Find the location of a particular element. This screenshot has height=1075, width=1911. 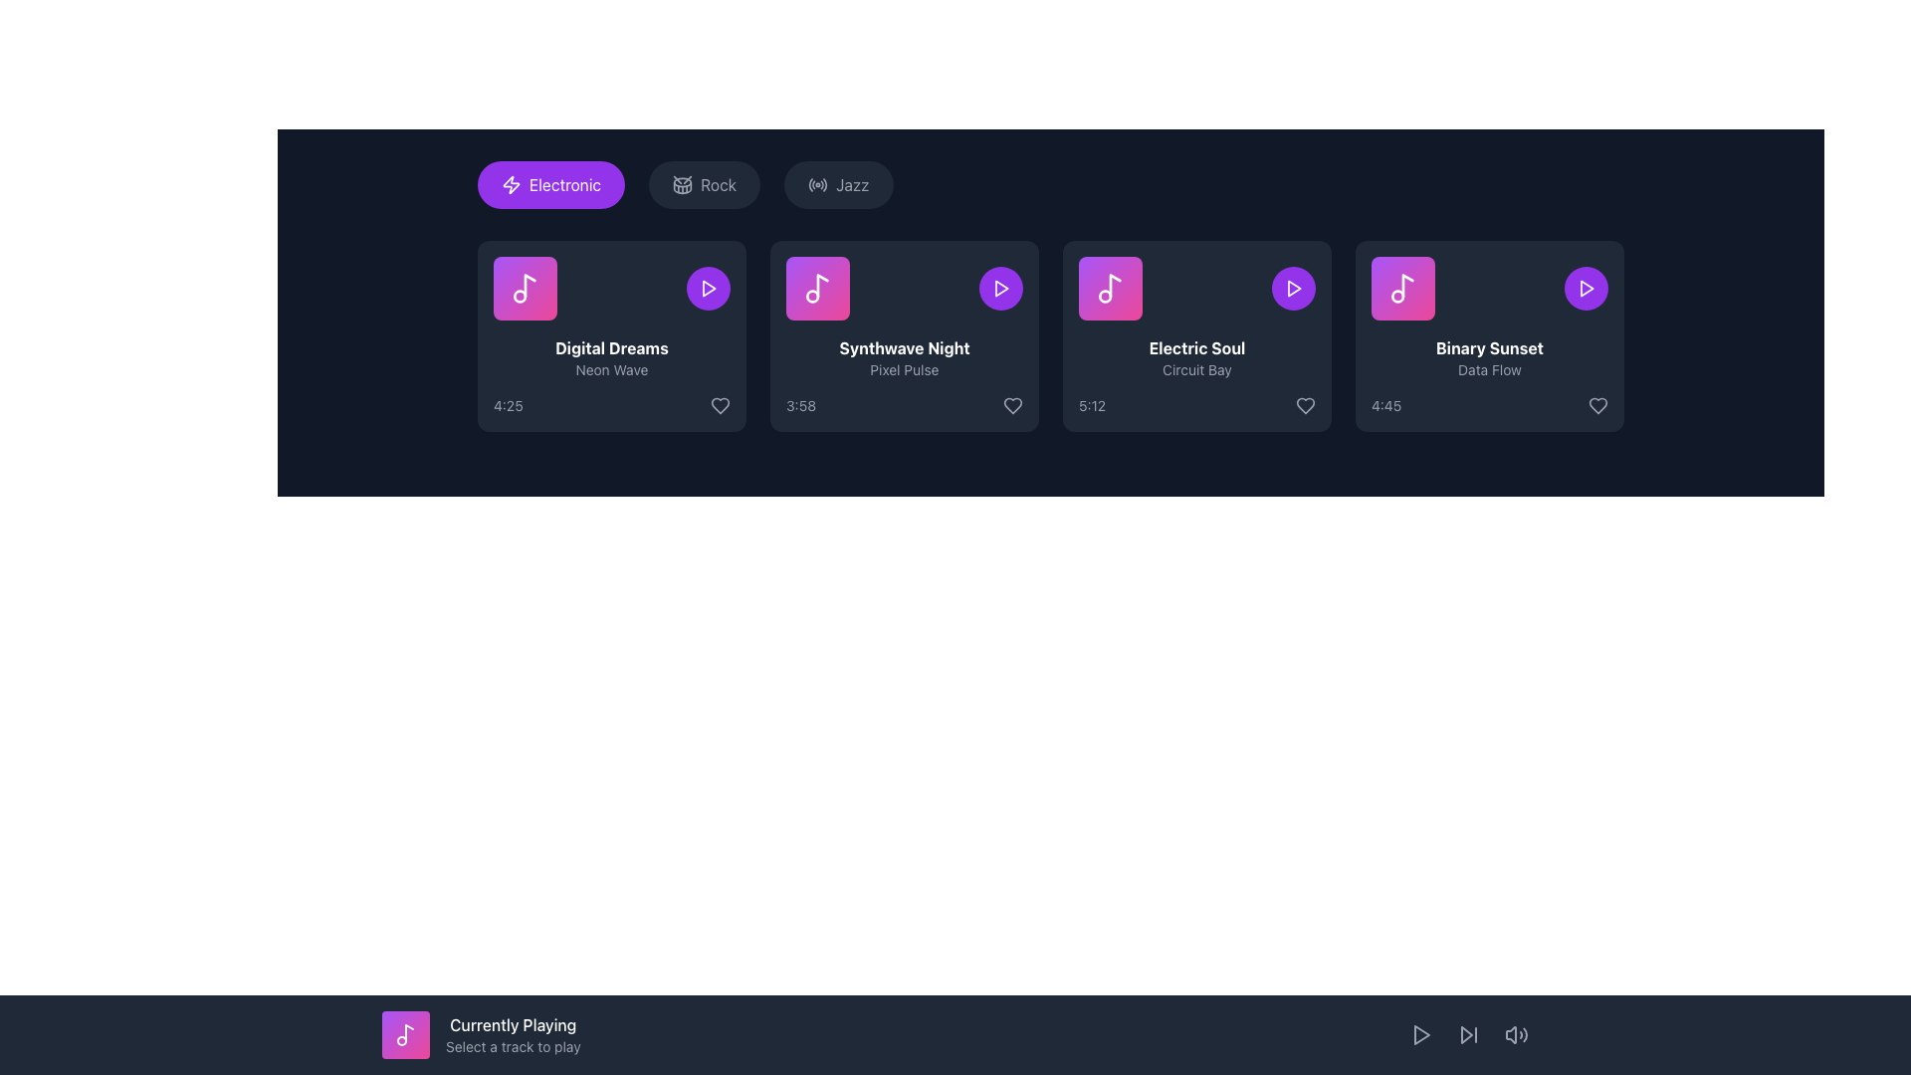

the music icon located at the first position in a horizontal row within the leftmost card of the music list section to initiate an action or selection is located at coordinates (526, 288).